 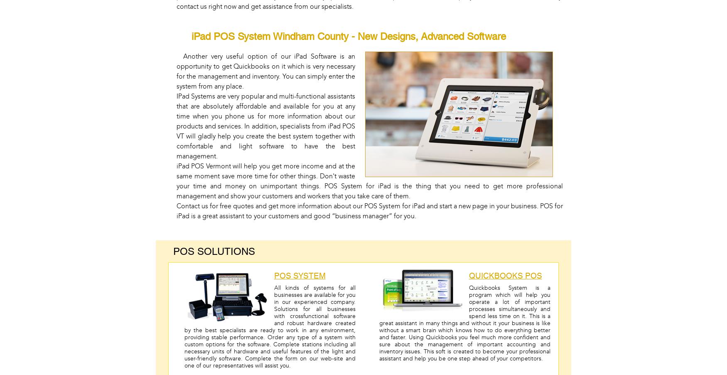 What do you see at coordinates (349, 37) in the screenshot?
I see `'iPad POS System Windham County - New Designs, Advanced Software'` at bounding box center [349, 37].